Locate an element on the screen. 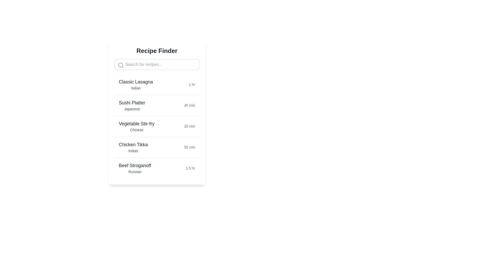  the static text label reading 'Japanese', which is styled in gray and positioned directly below 'Sushi Platter' is located at coordinates (132, 109).